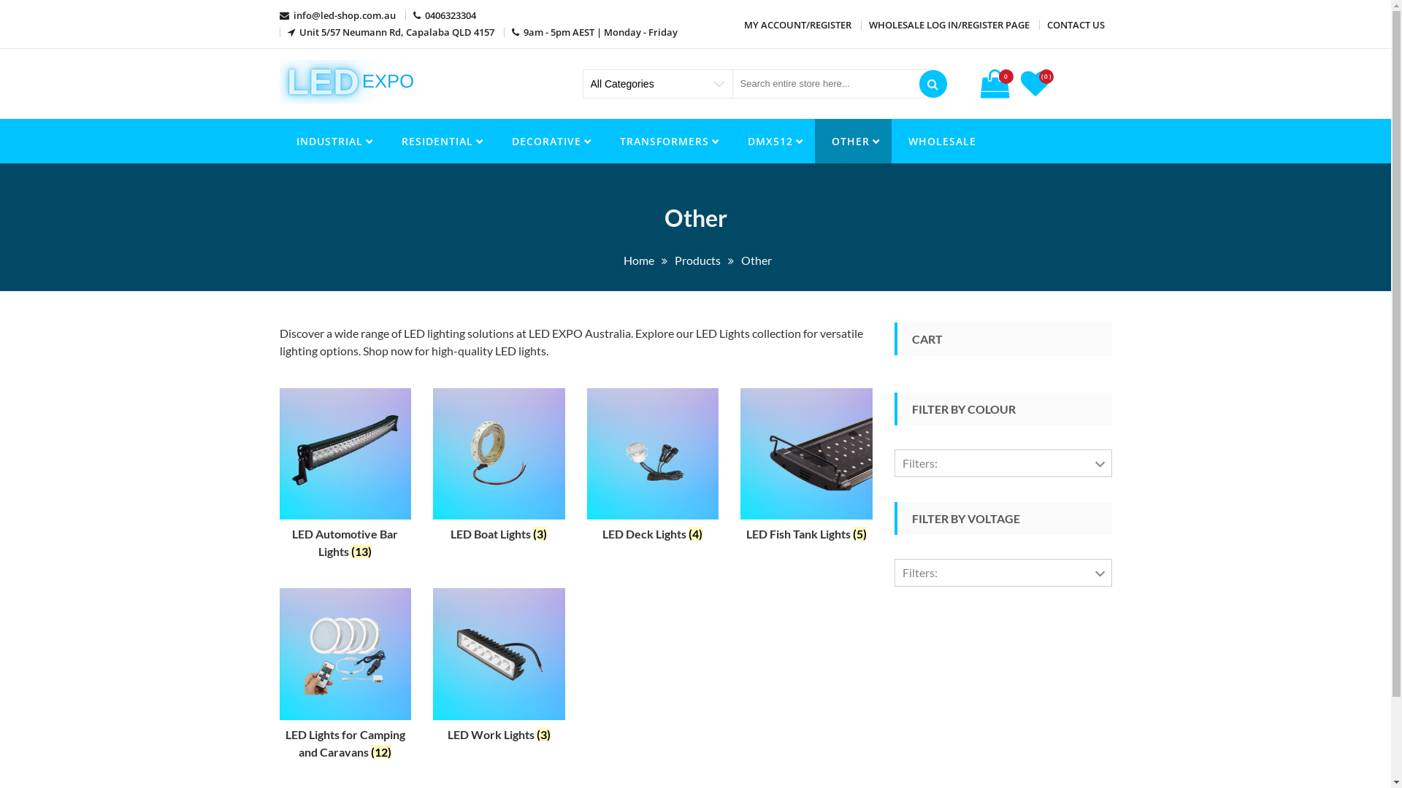 This screenshot has height=788, width=1402. What do you see at coordinates (932, 84) in the screenshot?
I see `'Search'` at bounding box center [932, 84].